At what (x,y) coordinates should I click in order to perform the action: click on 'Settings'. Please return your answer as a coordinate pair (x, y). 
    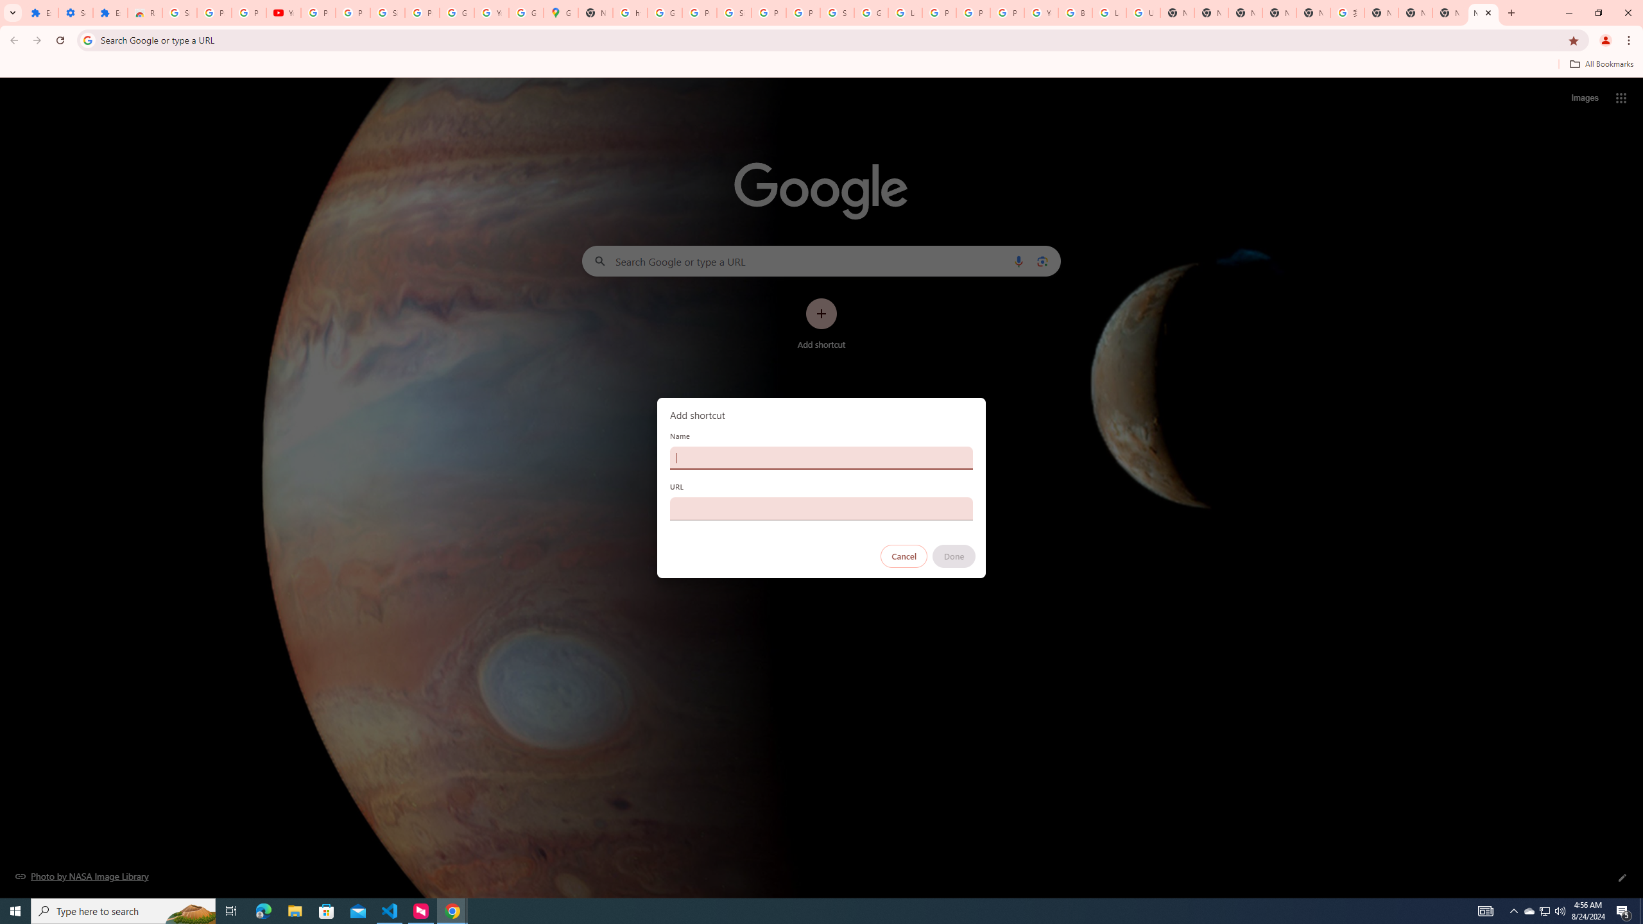
    Looking at the image, I should click on (75, 12).